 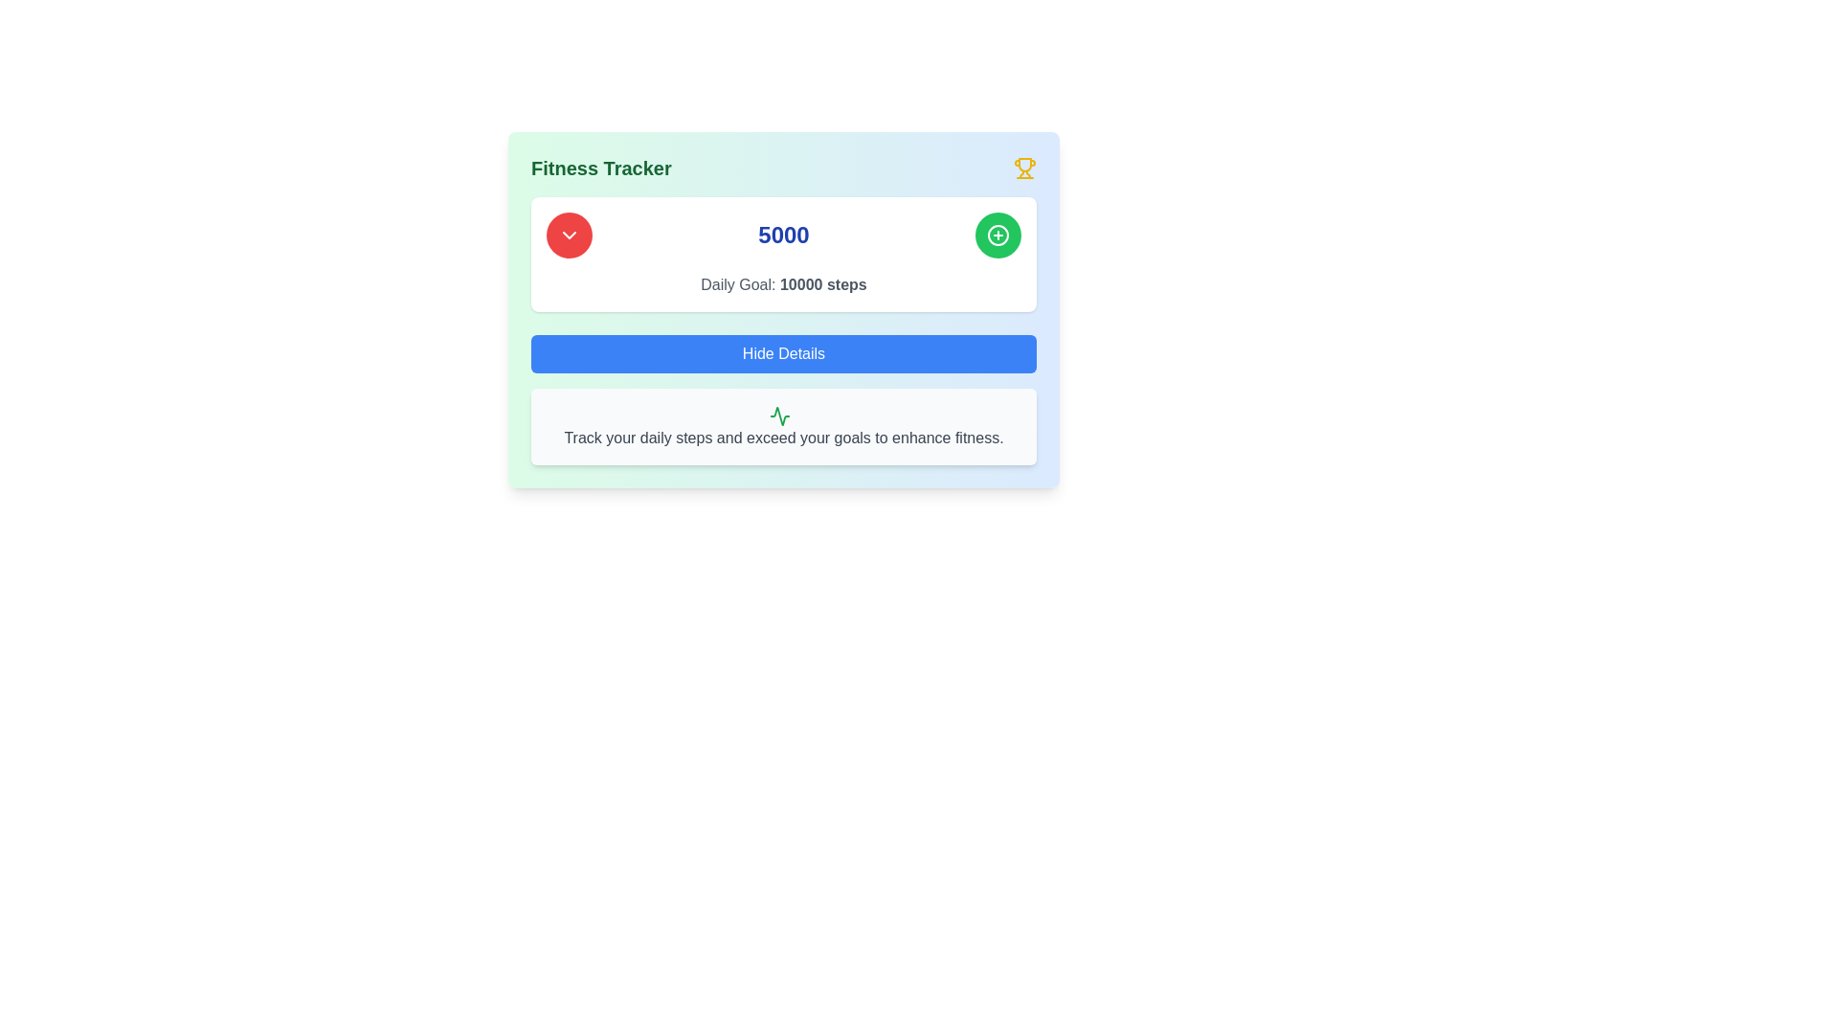 What do you see at coordinates (1023, 168) in the screenshot?
I see `the visual representation of the trophy icon located at the top-right corner of the 'Fitness Tracker' section, which symbolizes achievement` at bounding box center [1023, 168].